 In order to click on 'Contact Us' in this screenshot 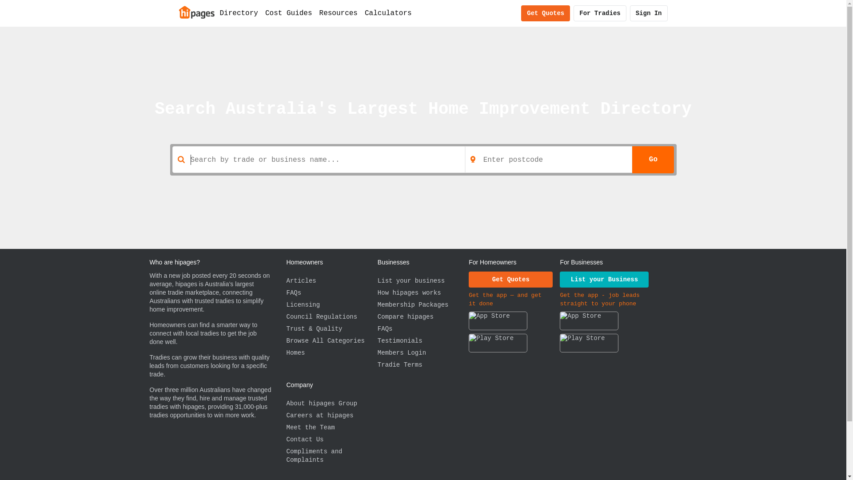, I will do `click(331, 439)`.